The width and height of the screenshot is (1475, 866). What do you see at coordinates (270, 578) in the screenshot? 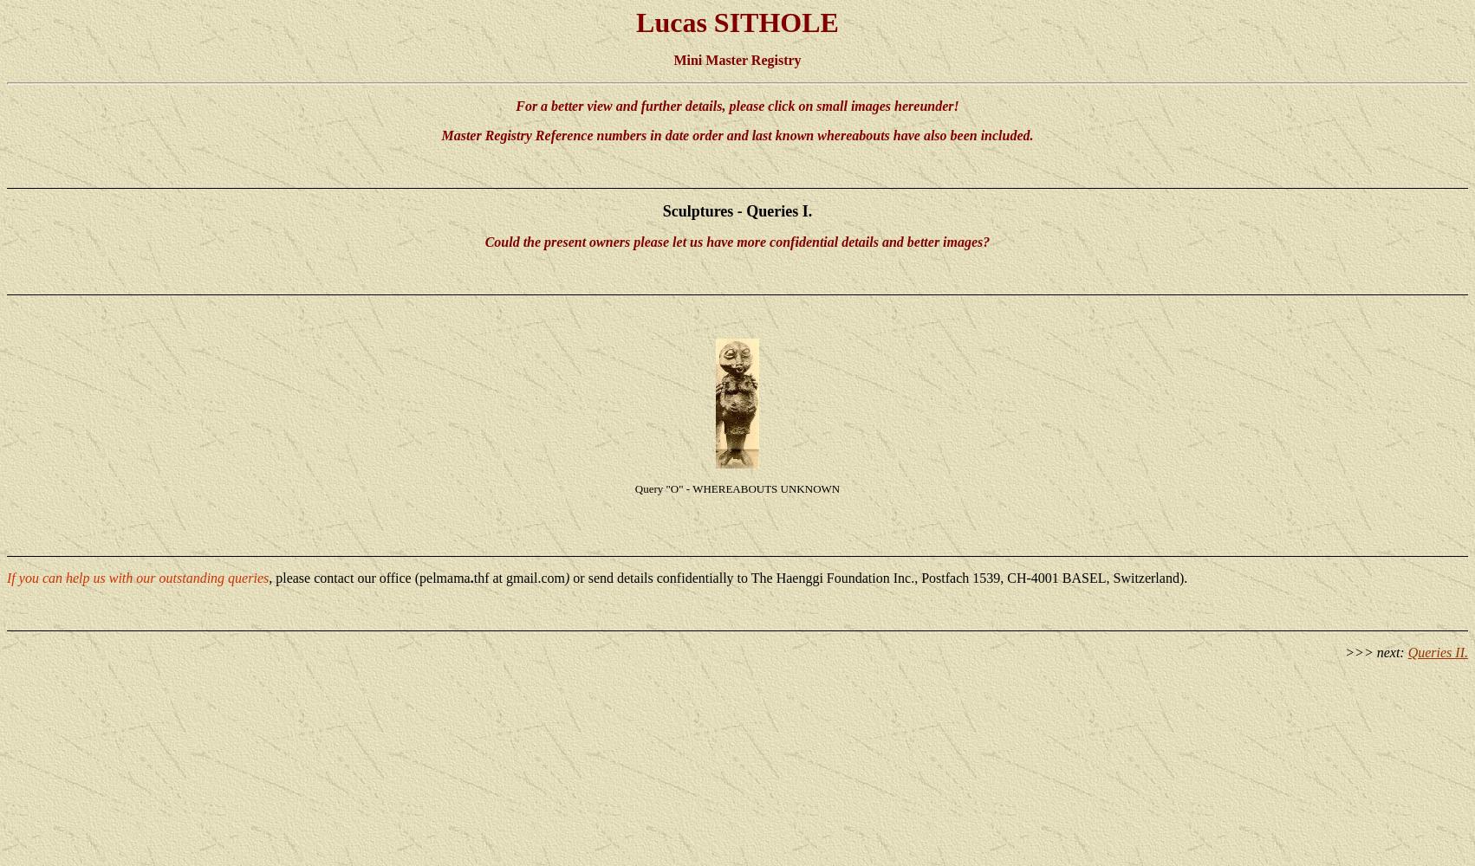
I see `','` at bounding box center [270, 578].